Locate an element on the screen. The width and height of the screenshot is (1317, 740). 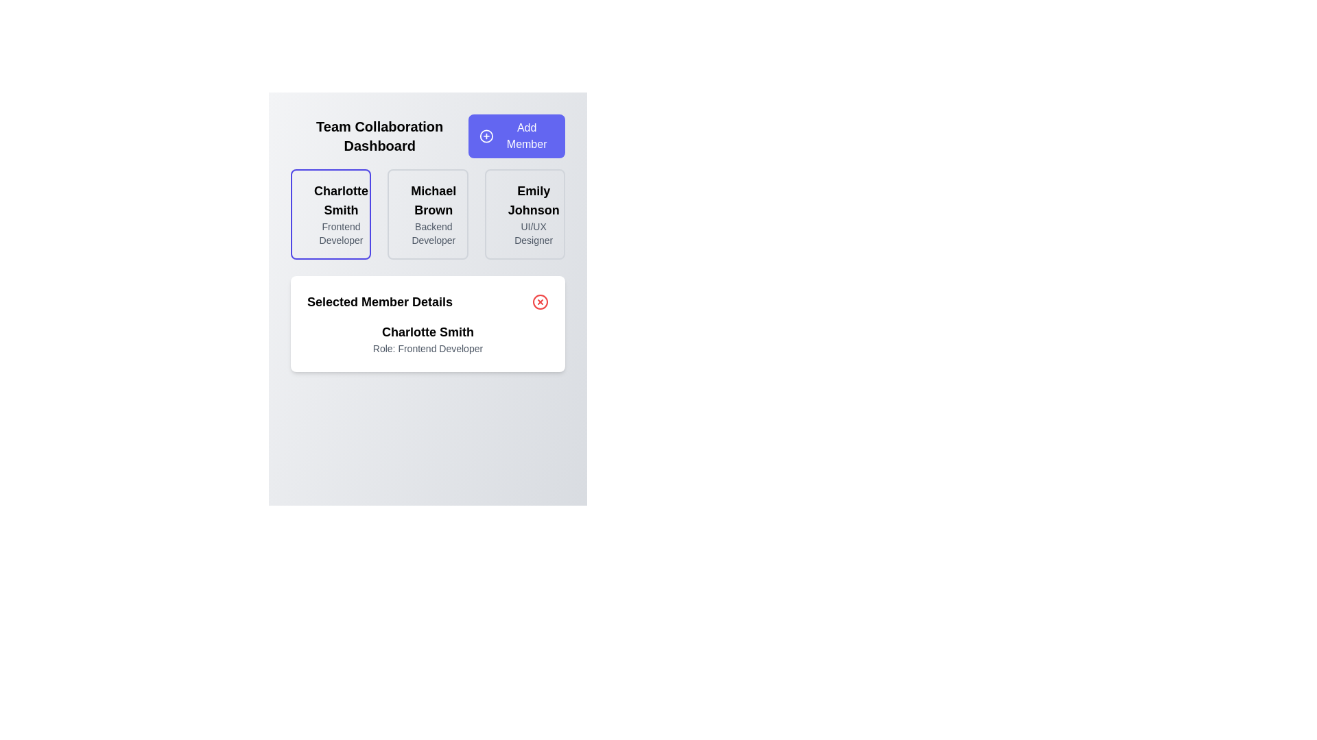
the circular plus icon within the 'Add Member' button located in the top right corner of the interface is located at coordinates (486, 136).